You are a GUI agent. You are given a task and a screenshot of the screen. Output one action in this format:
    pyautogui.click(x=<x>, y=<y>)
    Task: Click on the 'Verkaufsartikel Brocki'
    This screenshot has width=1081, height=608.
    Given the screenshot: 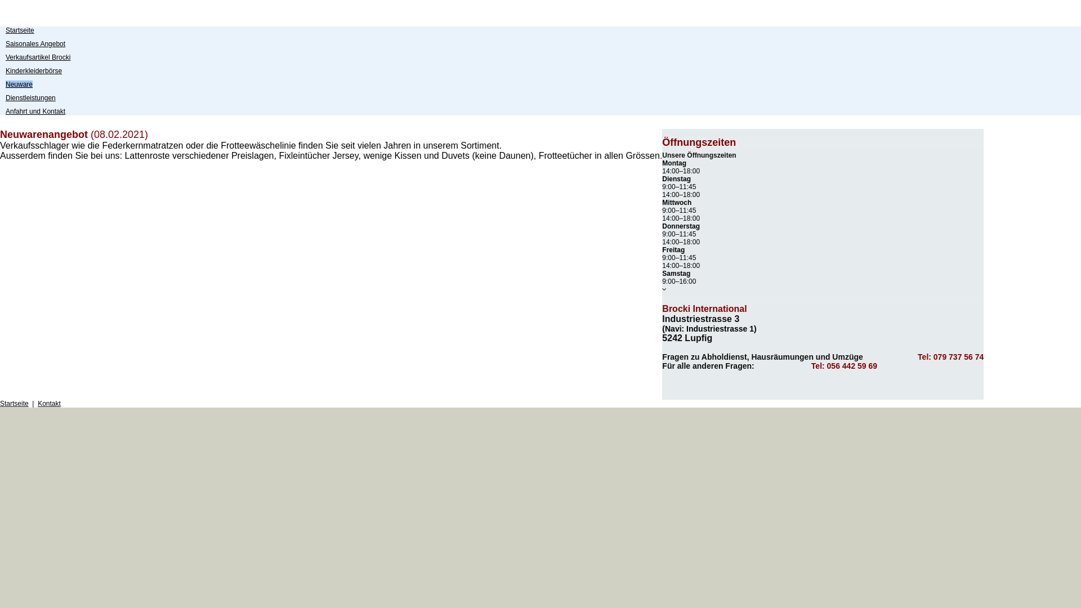 What is the action you would take?
    pyautogui.click(x=38, y=57)
    